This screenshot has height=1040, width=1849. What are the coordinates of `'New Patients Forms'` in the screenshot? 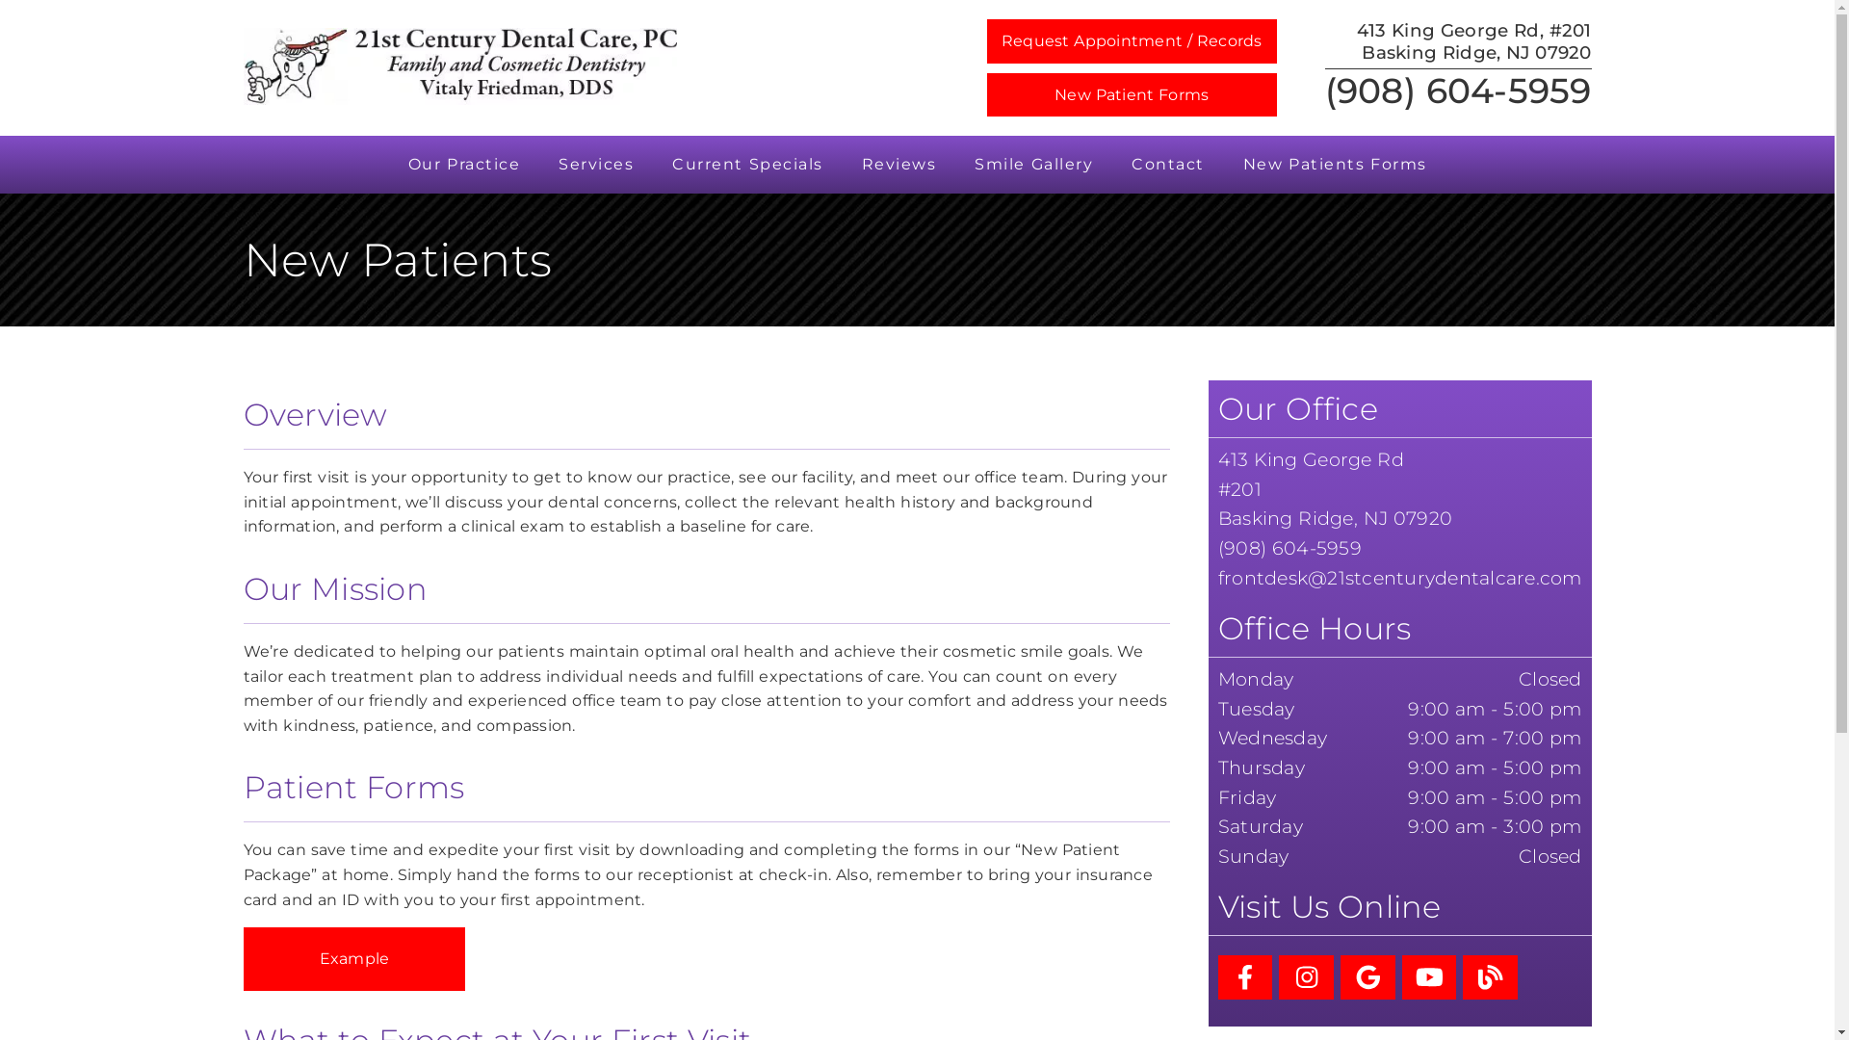 It's located at (1333, 163).